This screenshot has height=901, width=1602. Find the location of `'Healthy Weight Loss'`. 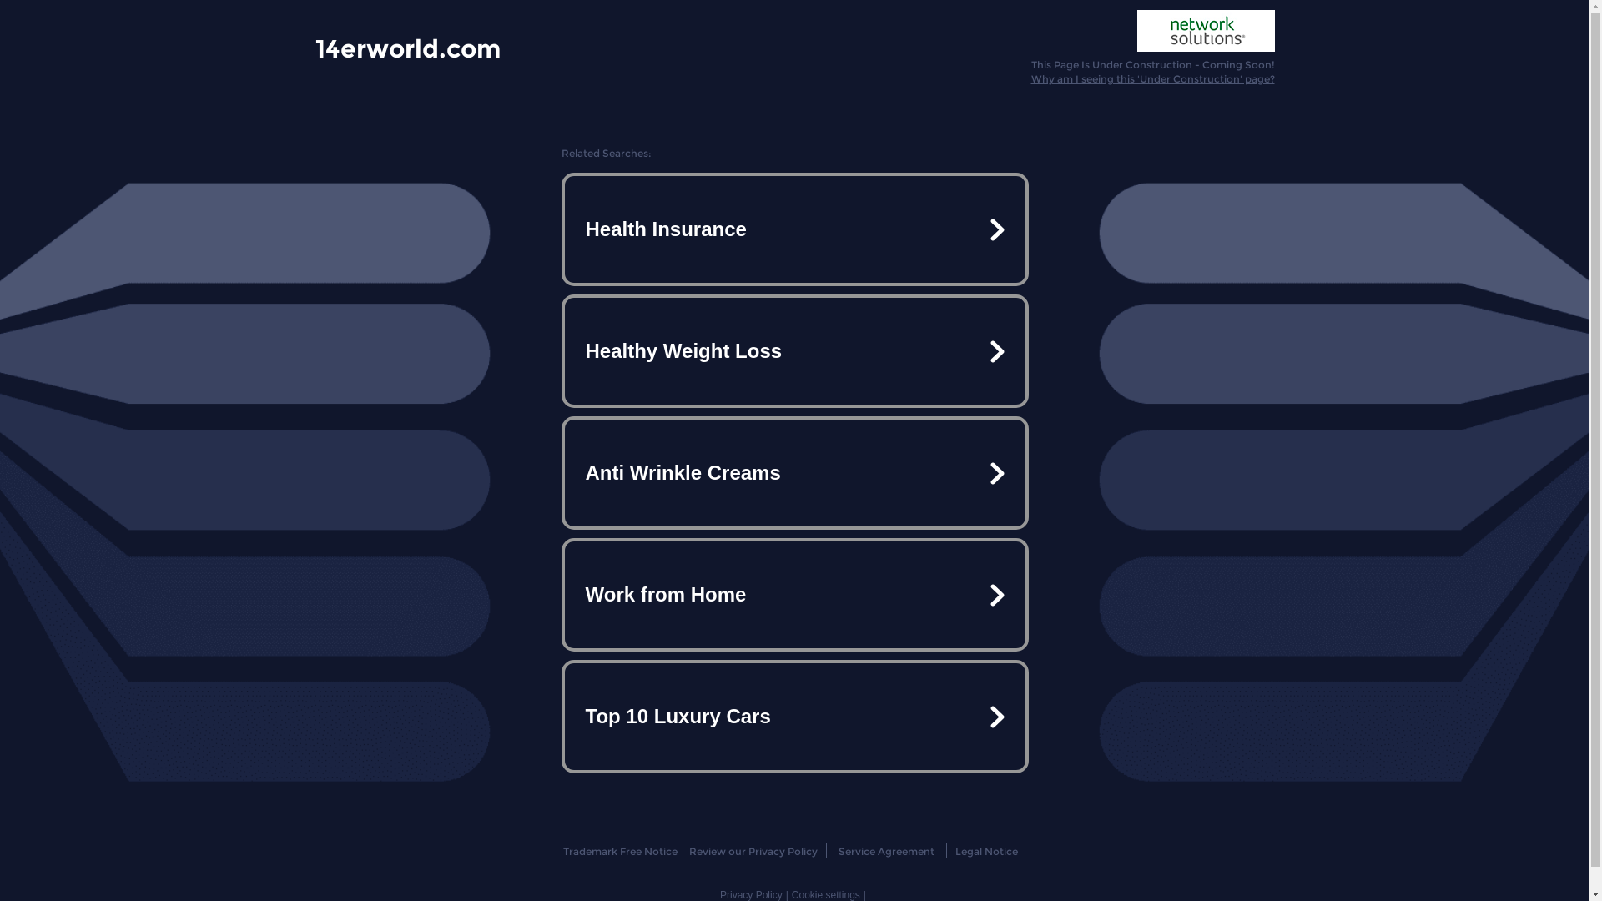

'Healthy Weight Loss' is located at coordinates (793, 350).